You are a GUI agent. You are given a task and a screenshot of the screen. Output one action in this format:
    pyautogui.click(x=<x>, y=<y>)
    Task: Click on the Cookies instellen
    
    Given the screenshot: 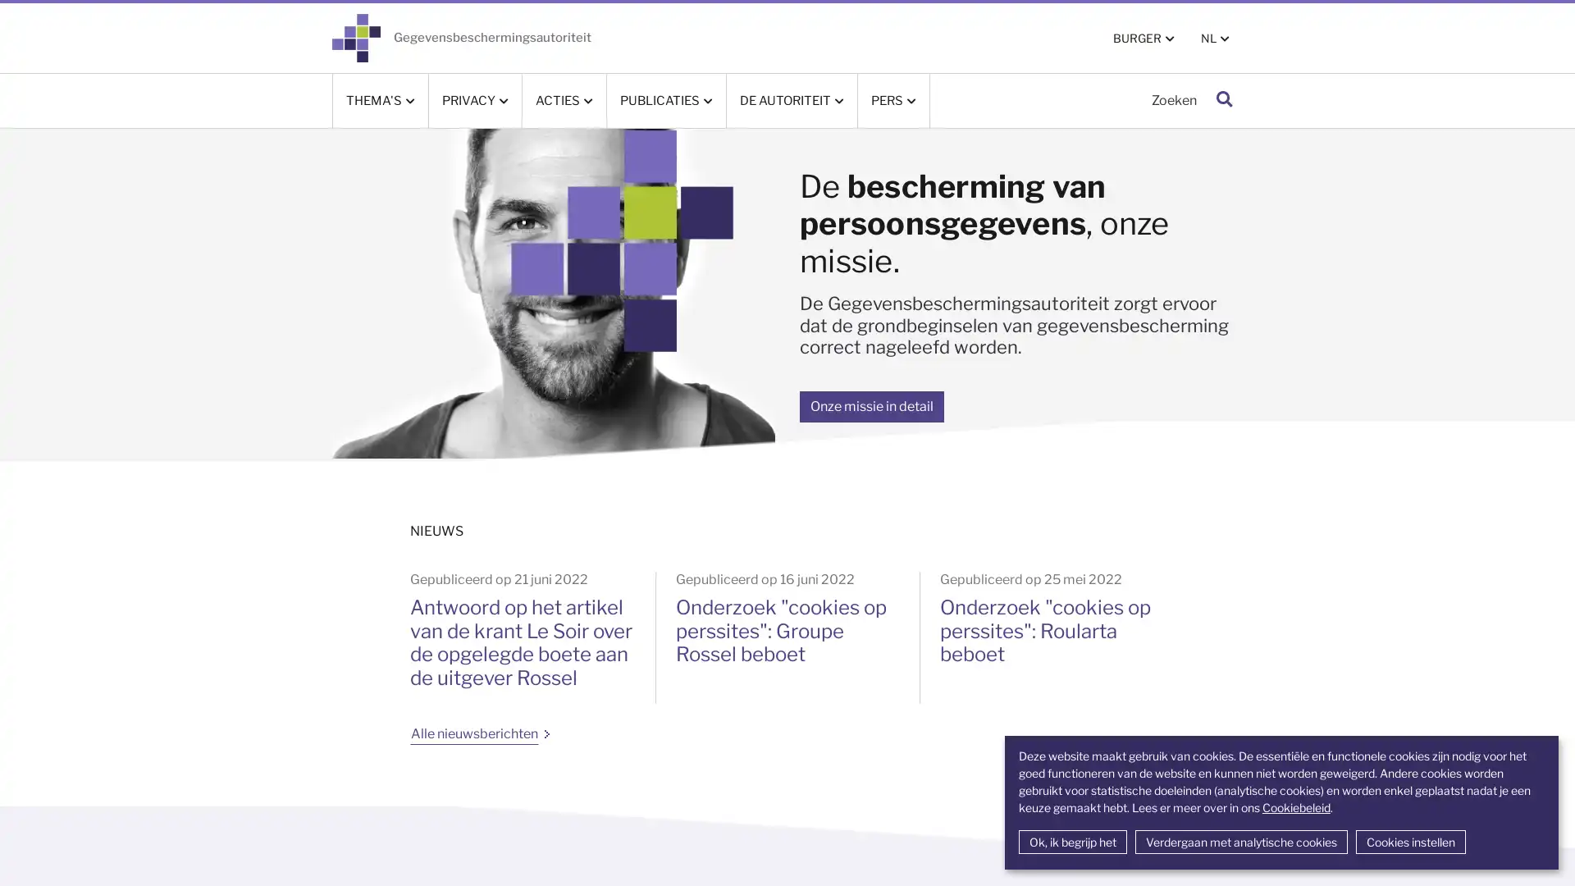 What is the action you would take?
    pyautogui.click(x=1408, y=842)
    